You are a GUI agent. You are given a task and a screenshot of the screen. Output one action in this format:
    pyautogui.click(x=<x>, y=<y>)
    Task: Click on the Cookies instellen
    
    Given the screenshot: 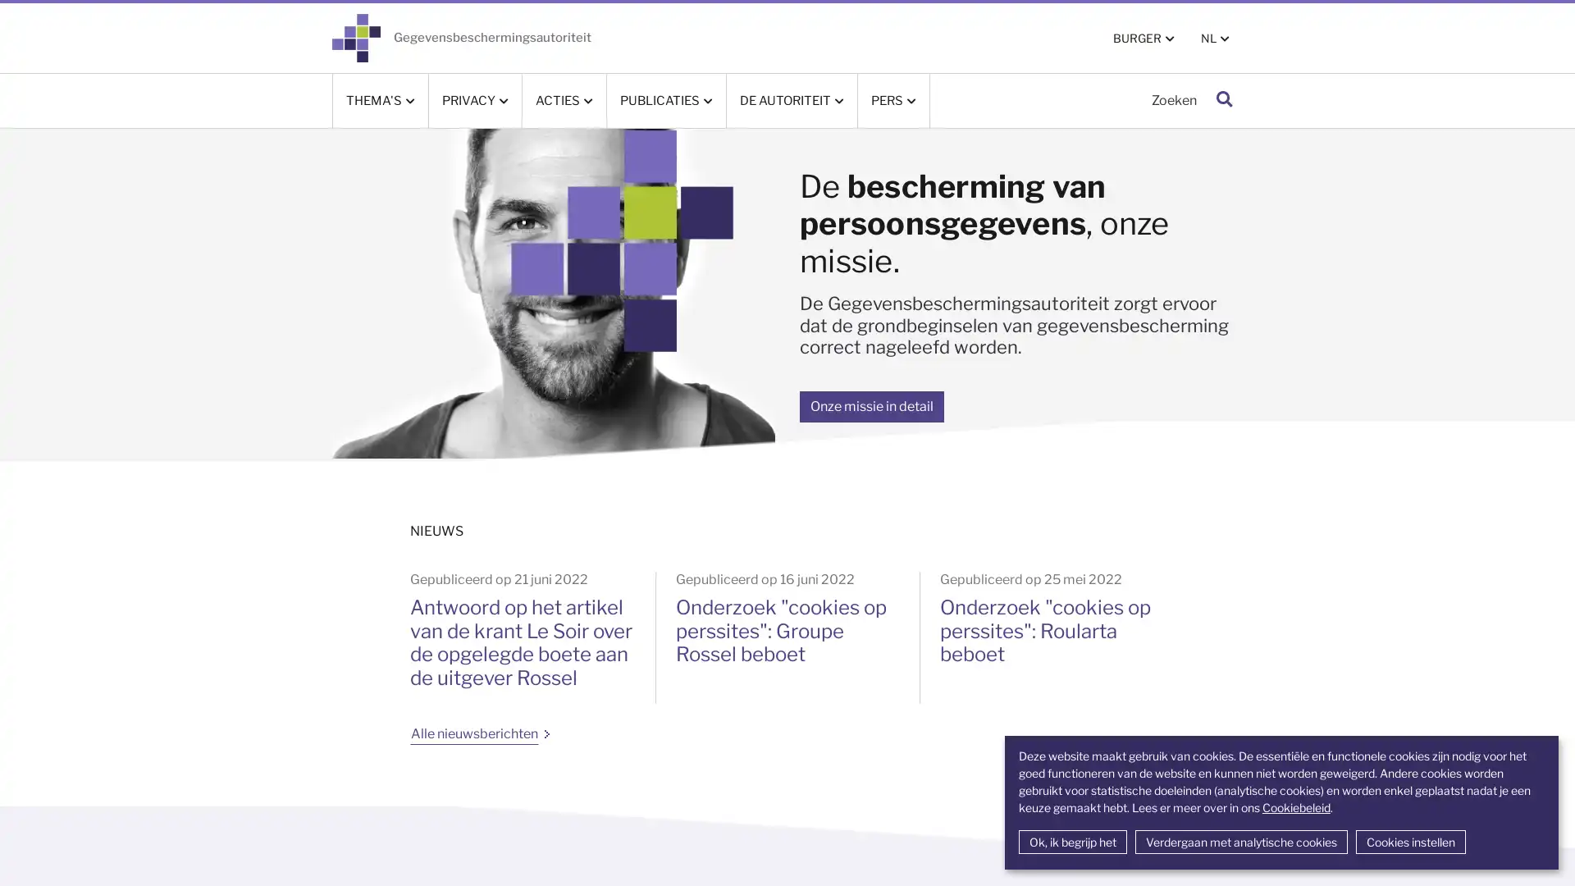 What is the action you would take?
    pyautogui.click(x=1408, y=842)
    